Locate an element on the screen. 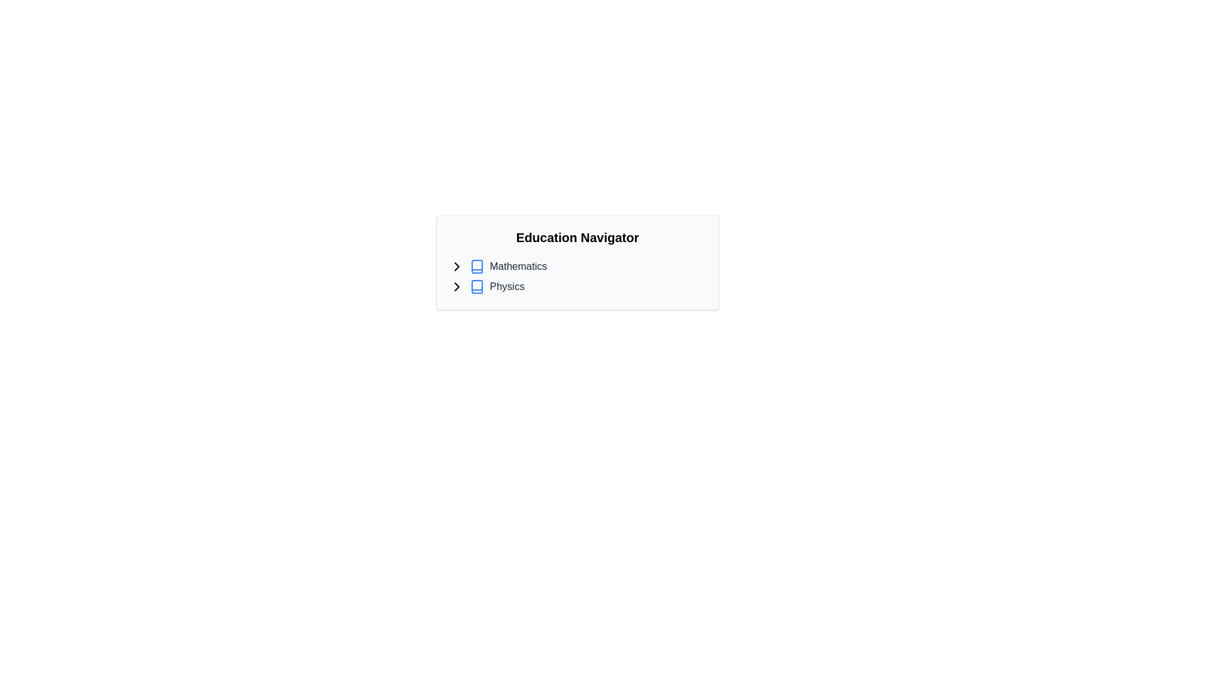 Image resolution: width=1212 pixels, height=681 pixels. the 'Physics' navigation item located directly below the 'Mathematics' item in the vertical navigation list is located at coordinates (577, 287).